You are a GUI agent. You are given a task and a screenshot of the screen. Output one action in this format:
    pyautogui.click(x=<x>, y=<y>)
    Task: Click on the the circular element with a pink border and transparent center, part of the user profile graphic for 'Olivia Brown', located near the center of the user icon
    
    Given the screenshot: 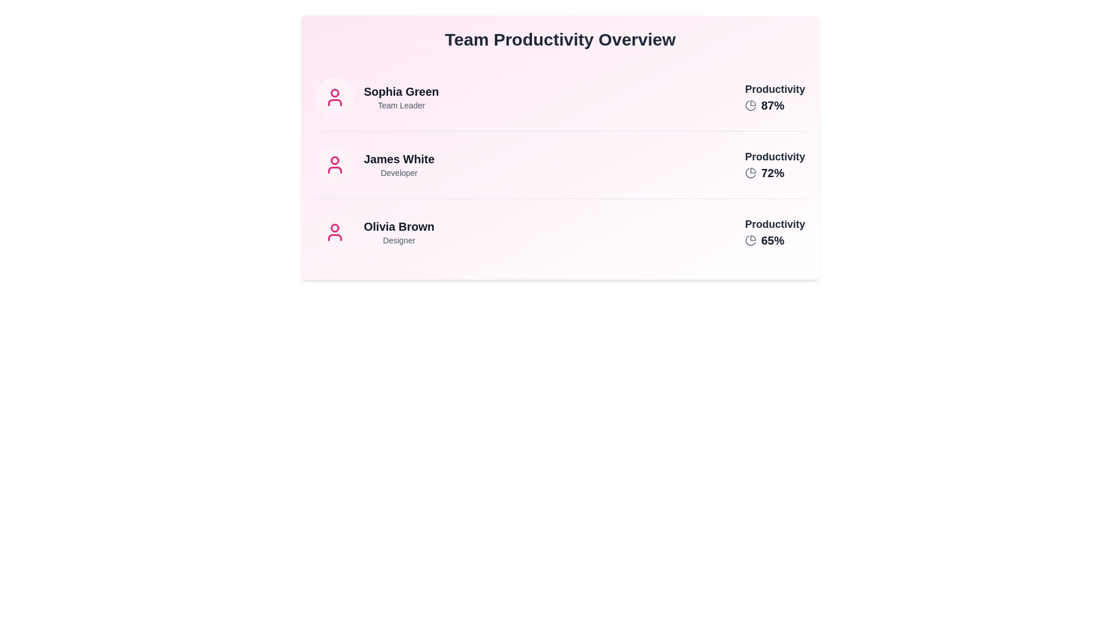 What is the action you would take?
    pyautogui.click(x=334, y=228)
    